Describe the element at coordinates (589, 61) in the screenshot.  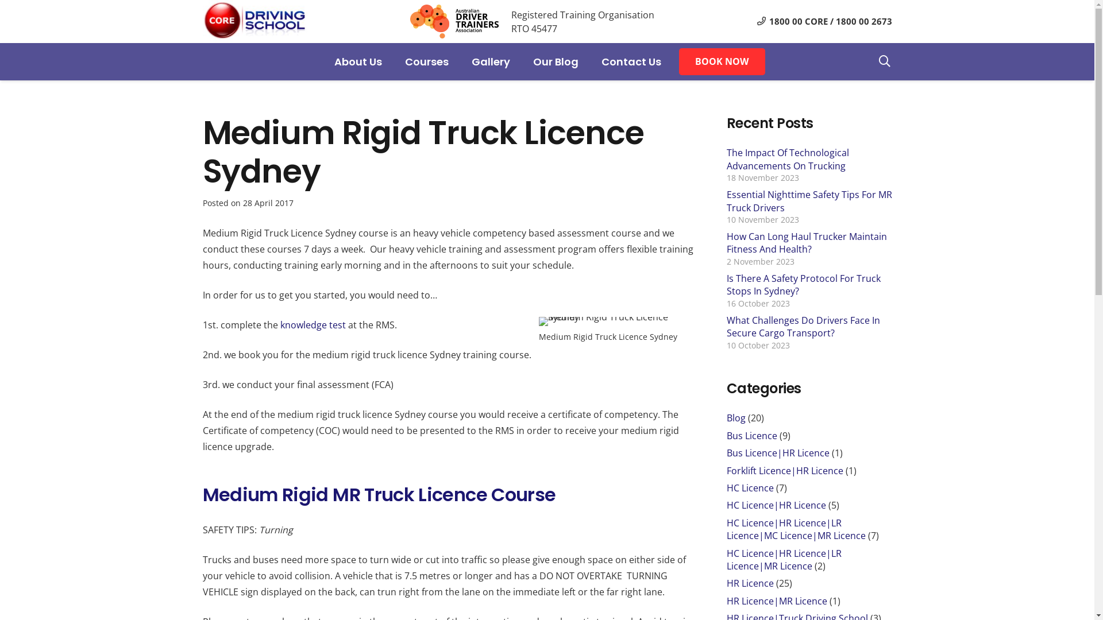
I see `'Contact Us'` at that location.